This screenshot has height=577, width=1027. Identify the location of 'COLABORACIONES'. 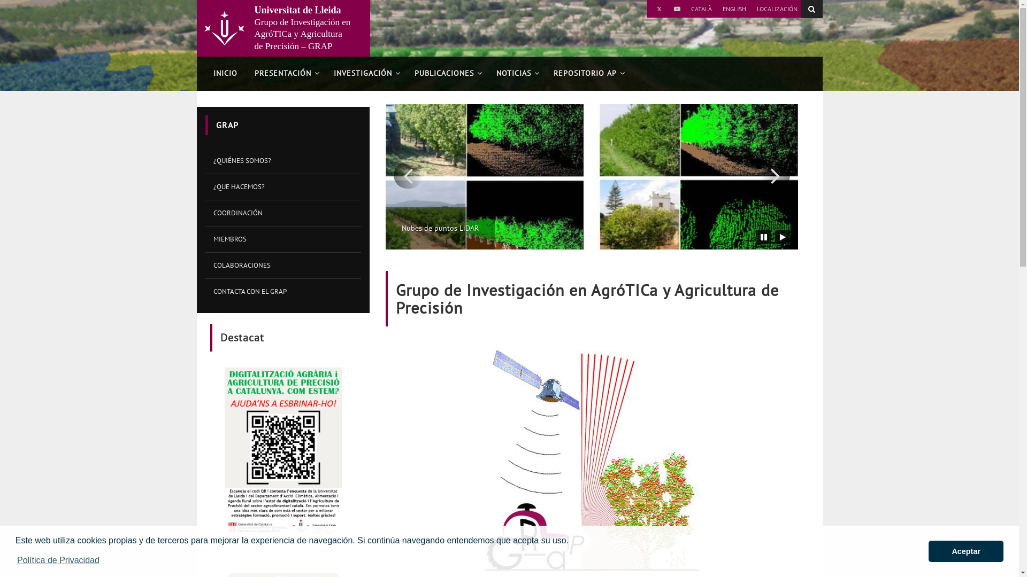
(283, 264).